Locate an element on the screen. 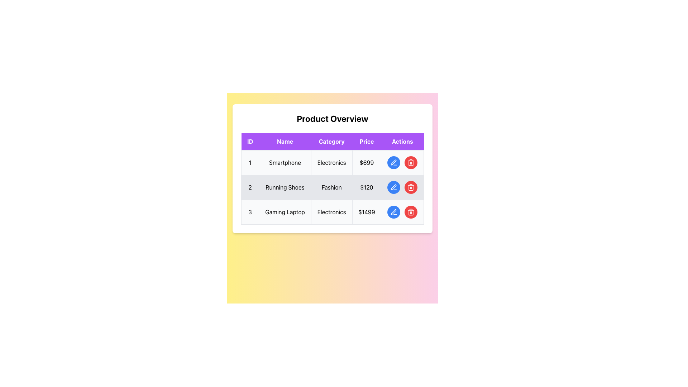 The height and width of the screenshot is (387, 688). the edit button icon located in the 'Actions' column of the third row of the table under the 'Product Overview' heading to possibly reveal a tooltip is located at coordinates (393, 211).